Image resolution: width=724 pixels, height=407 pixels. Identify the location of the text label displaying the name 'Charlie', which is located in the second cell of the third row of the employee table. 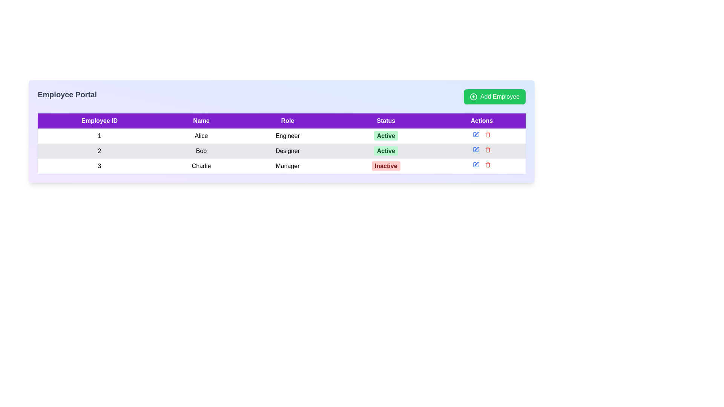
(201, 165).